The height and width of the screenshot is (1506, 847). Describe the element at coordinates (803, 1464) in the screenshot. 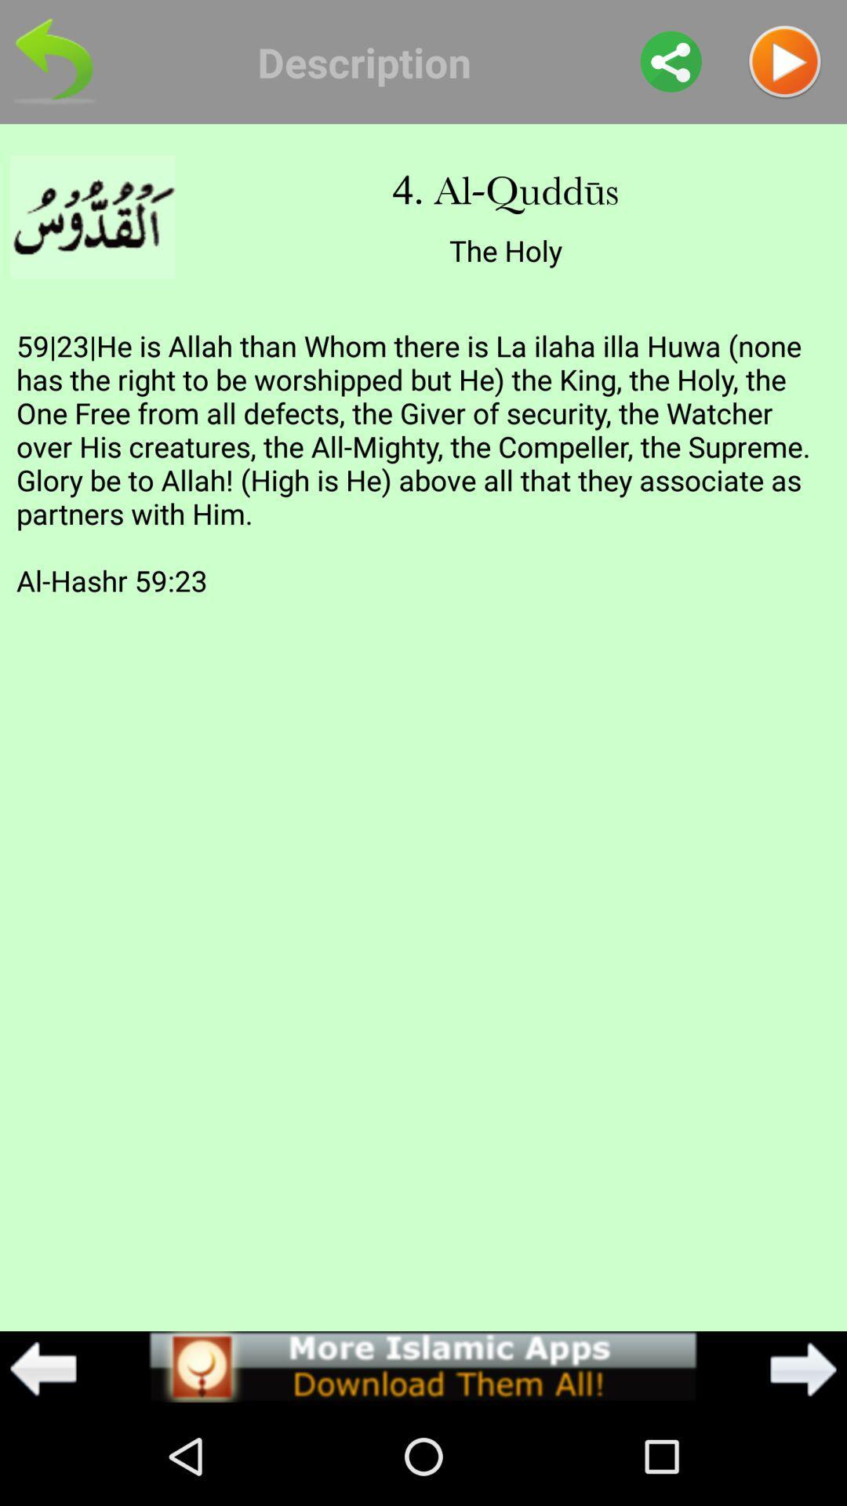

I see `the arrow_forward icon` at that location.